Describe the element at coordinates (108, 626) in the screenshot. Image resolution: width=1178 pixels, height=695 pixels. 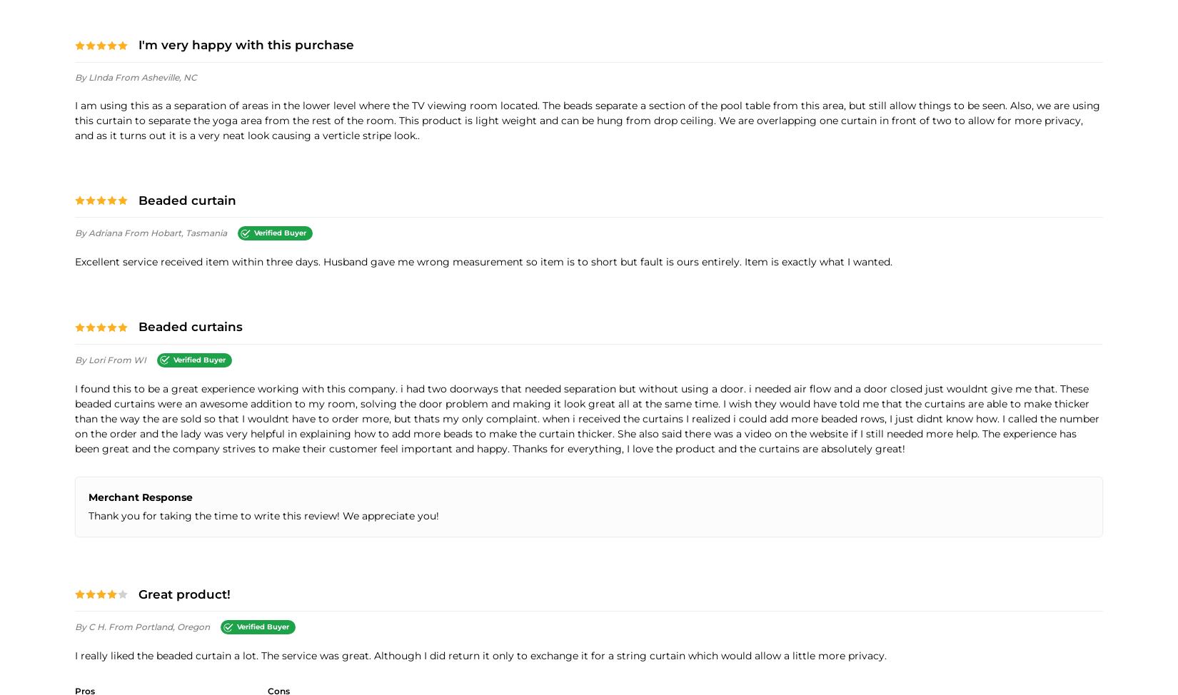
I see `'from portland,  oregon'` at that location.